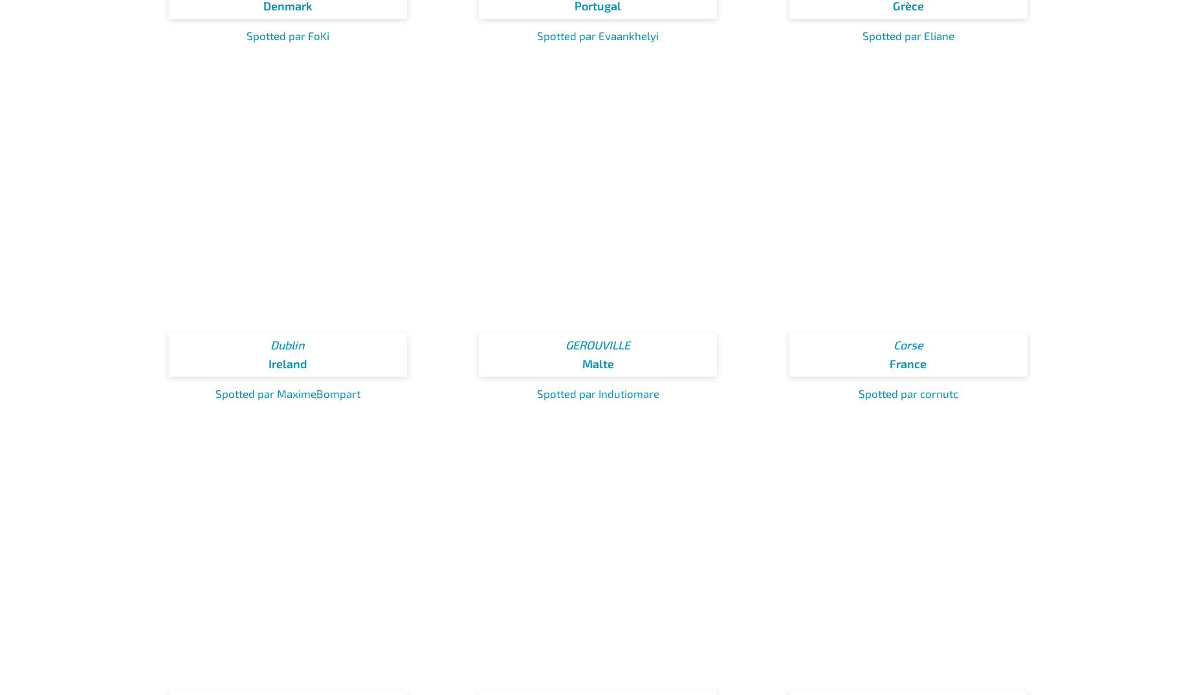 The height and width of the screenshot is (695, 1197). What do you see at coordinates (908, 363) in the screenshot?
I see `'France'` at bounding box center [908, 363].